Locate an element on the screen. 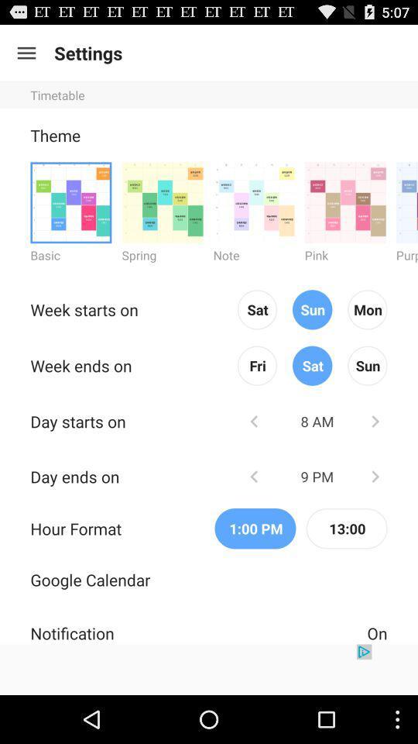 The width and height of the screenshot is (418, 744). the menu icon is located at coordinates (26, 57).